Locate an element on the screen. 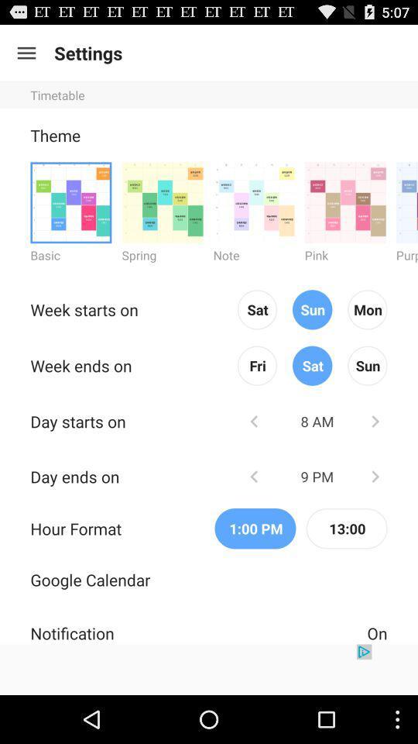 The width and height of the screenshot is (418, 744). the menu icon is located at coordinates (26, 57).